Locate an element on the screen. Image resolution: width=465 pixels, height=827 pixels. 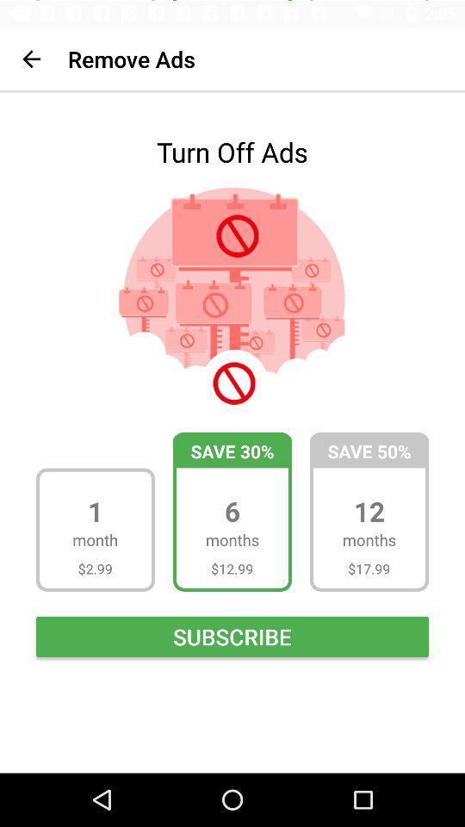
subscribe item is located at coordinates (232, 635).